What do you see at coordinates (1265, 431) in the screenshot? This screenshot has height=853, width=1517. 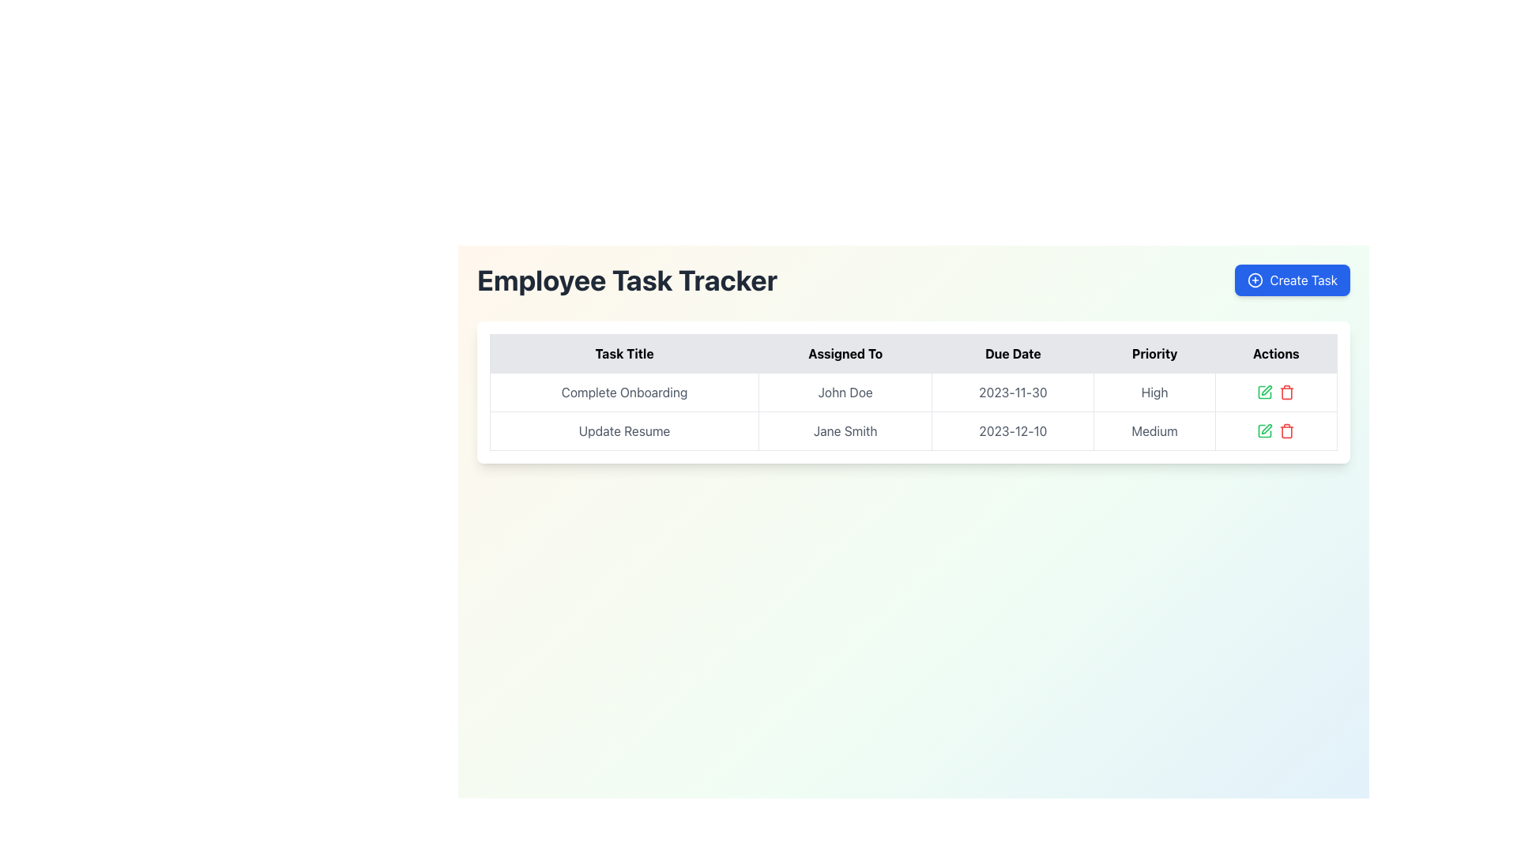 I see `the edit icon in the 'Actions' column of the 'Update Resume' task` at bounding box center [1265, 431].